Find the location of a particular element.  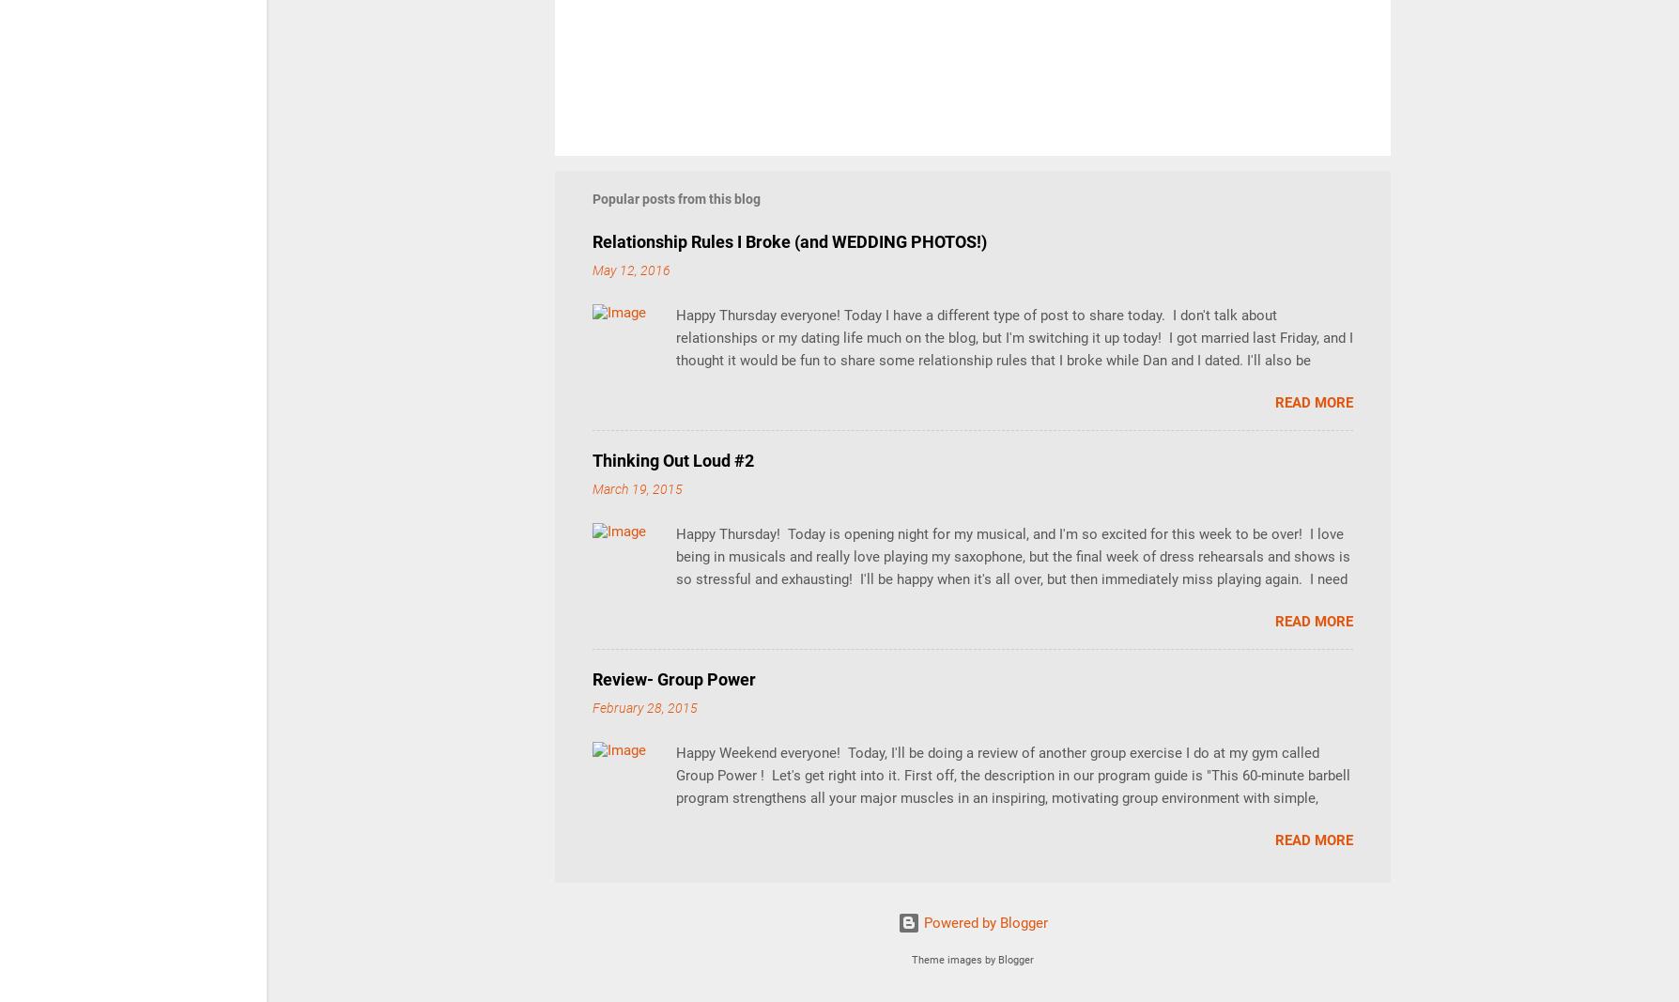

'Happy Weekend everyone!  Today, I'll be doing a review of another group exercise I do at my gym called Group Power !  Let's get right into it.   First off, the description in our program guide is "This 60-minute barbell program strengthens all your major muscles in an inspiring, motivating group environment with simple, athletic movements such as squats, lunges, presses and curls."     I don't exactly look like this when I'm curling..but you get the idea!    Let me tell you, this is one intense workout!  For the entire 60 minutes, we're constantly moving and lifting and by the end I'm a pool of sweat!  We work out all the major muscle groups - Legs, Chest, Triceps, Biceps, Glutes, Shoulders, and Core with light to moderate weights.  We also use a step to do exercises like chest presses and split squats.   For each song, we focus on one muscle group, and do a variety of exercises with lots of repetitions, set to the beat of the music.  The tempo of the' is located at coordinates (675, 842).